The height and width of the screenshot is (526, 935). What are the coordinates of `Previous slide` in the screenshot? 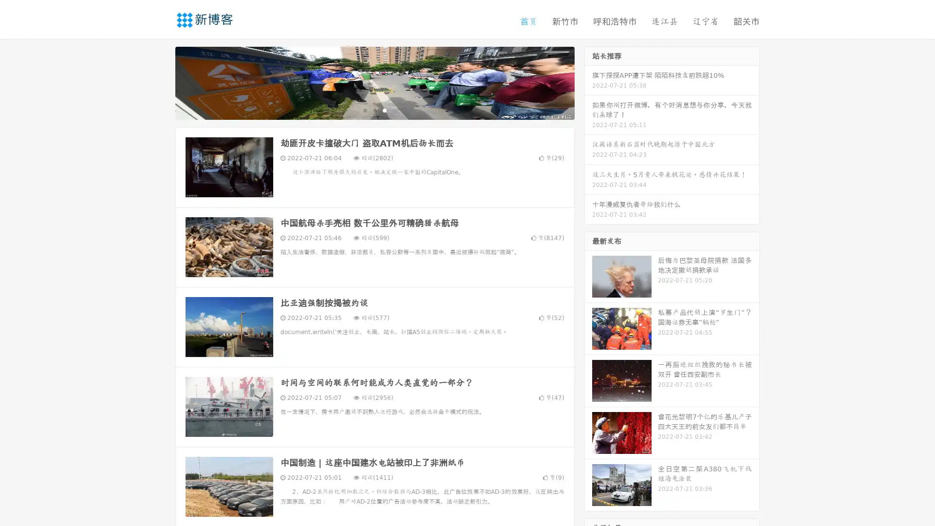 It's located at (161, 82).